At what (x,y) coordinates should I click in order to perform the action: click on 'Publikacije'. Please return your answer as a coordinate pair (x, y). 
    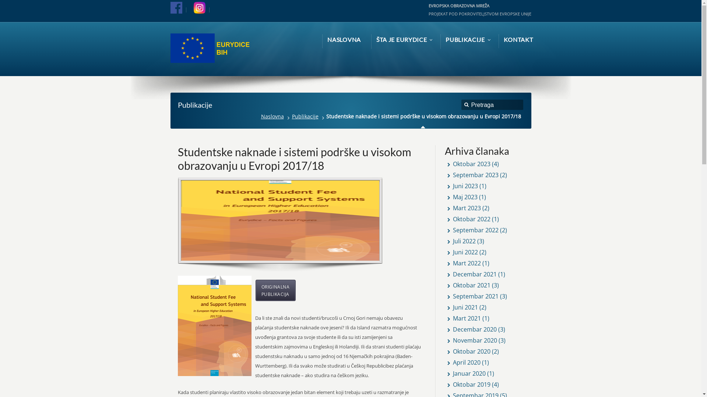
    Looking at the image, I should click on (289, 116).